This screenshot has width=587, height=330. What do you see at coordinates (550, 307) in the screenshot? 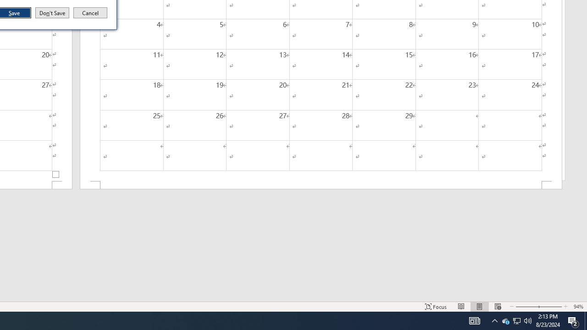
I see `'Zoom In'` at bounding box center [550, 307].